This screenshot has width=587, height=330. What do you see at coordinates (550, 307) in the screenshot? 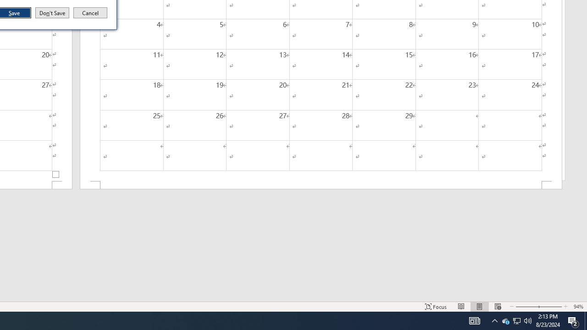
I see `'Zoom In'` at bounding box center [550, 307].